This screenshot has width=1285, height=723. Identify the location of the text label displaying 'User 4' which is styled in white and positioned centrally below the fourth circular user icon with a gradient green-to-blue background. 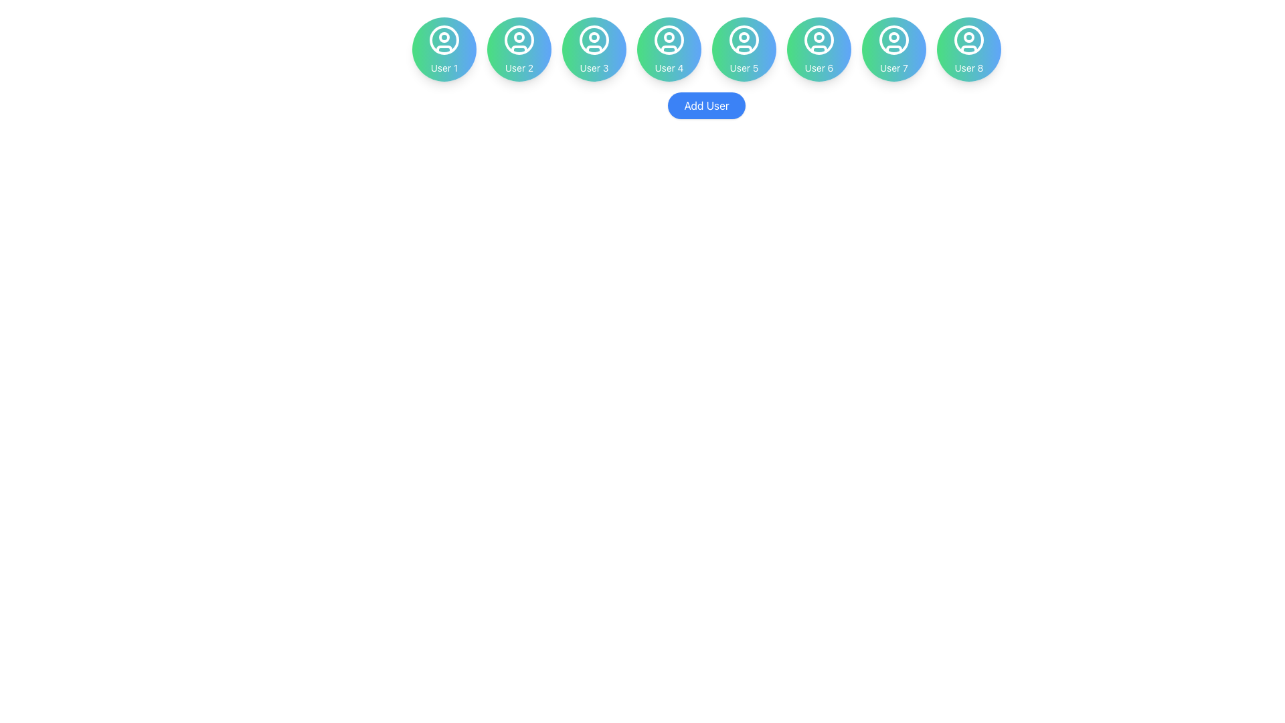
(669, 68).